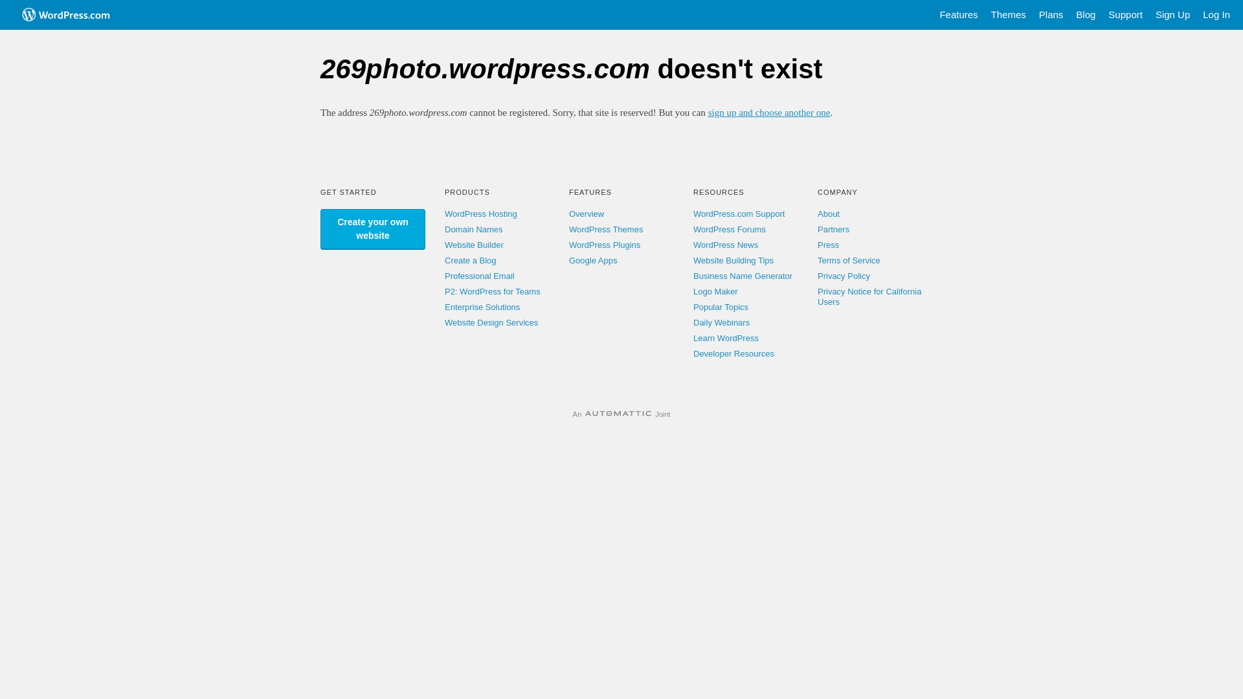 This screenshot has width=1243, height=699. I want to click on 'Domain Names', so click(473, 228).